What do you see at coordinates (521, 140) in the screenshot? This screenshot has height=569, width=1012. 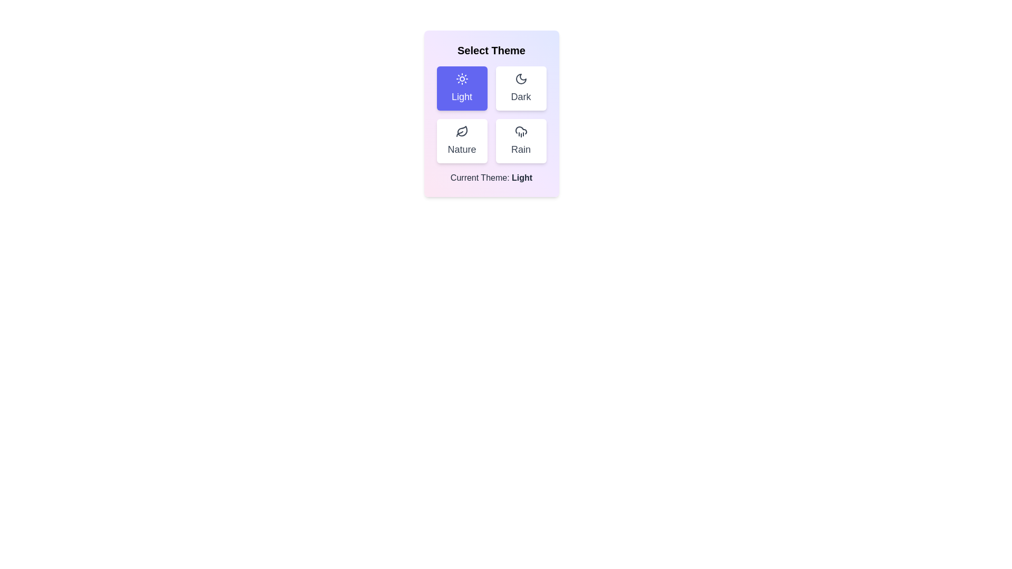 I see `the theme Rain by clicking the corresponding button` at bounding box center [521, 140].